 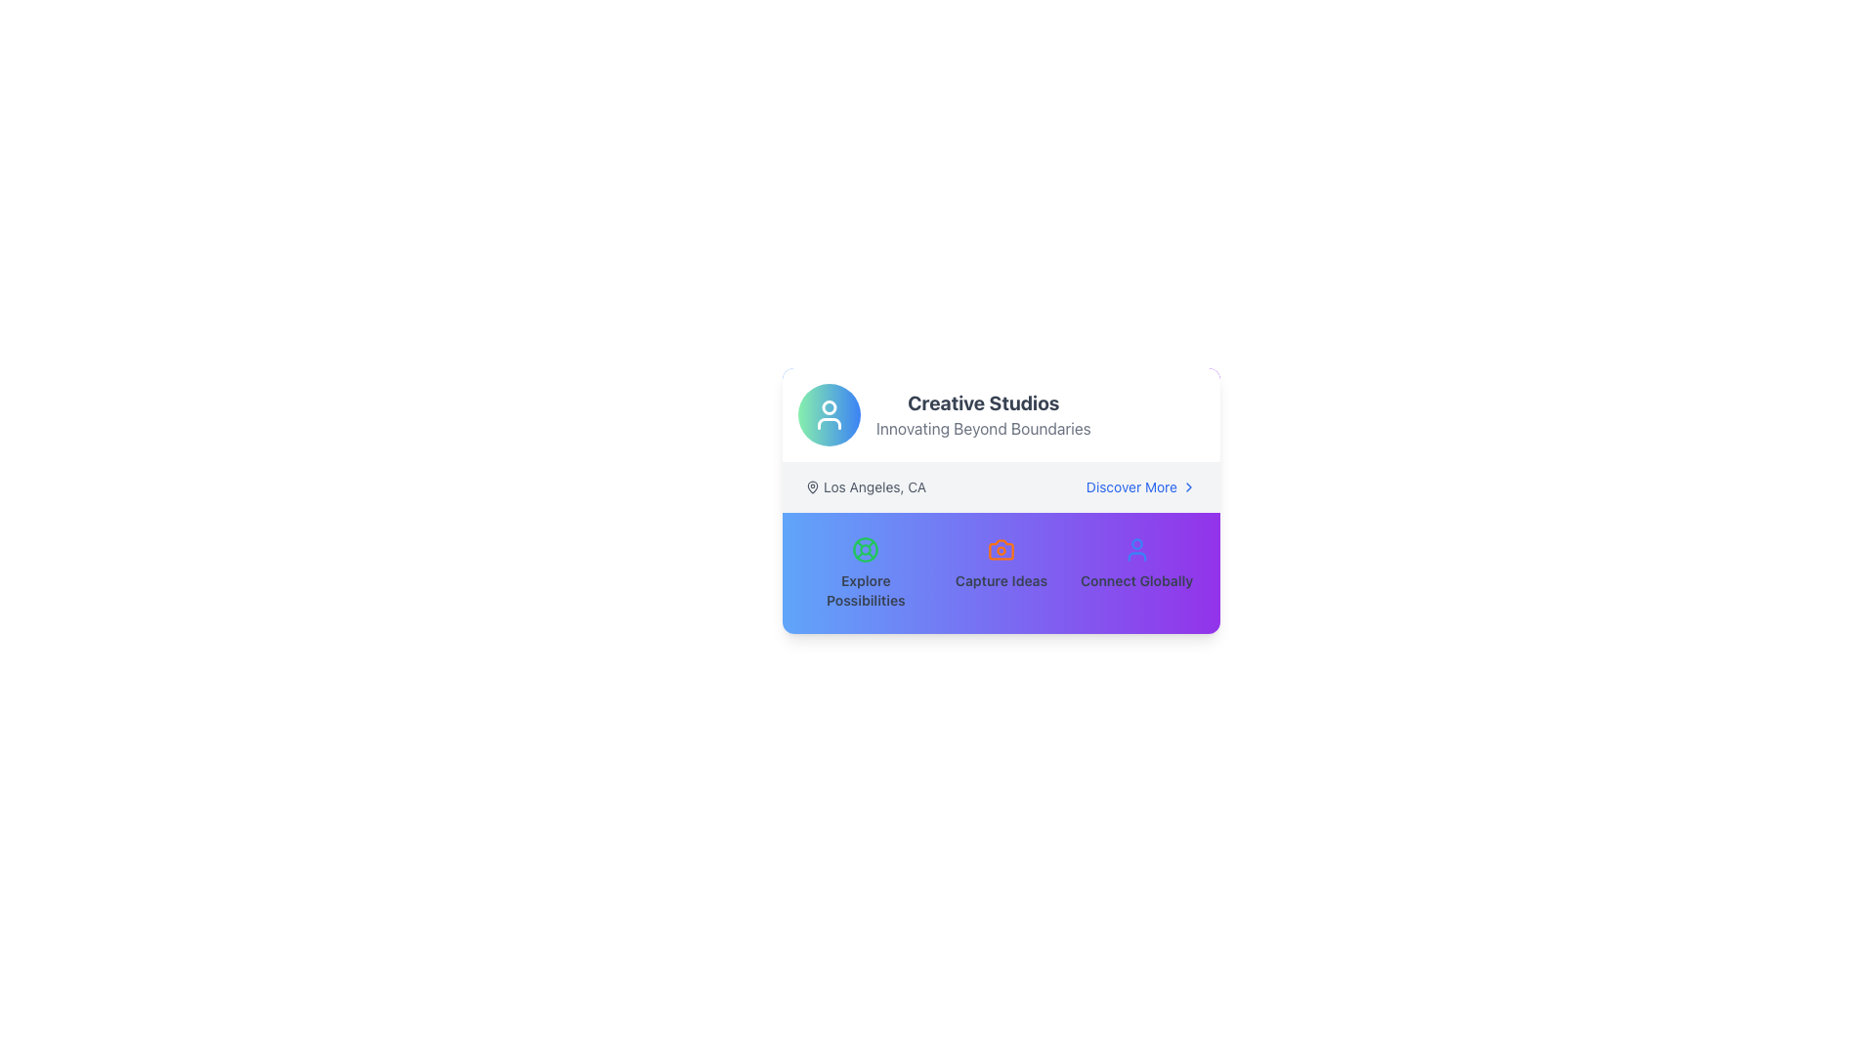 I want to click on the 'Capture Ideas' button, which is positioned centrally in the three-item horizontal grid layout that includes 'Explore Possibilities' on the left and 'Connect Globally' on the right, so click(x=1001, y=571).